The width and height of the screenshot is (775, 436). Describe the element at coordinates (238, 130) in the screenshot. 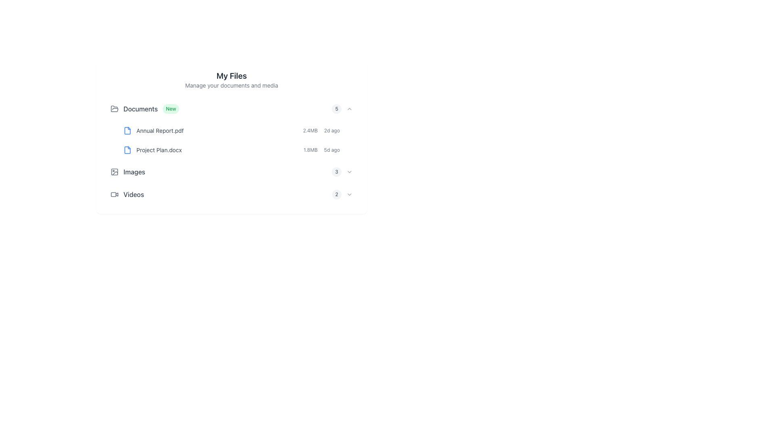

I see `the file entry titled 'Annual Report.pdf' in the document list` at that location.